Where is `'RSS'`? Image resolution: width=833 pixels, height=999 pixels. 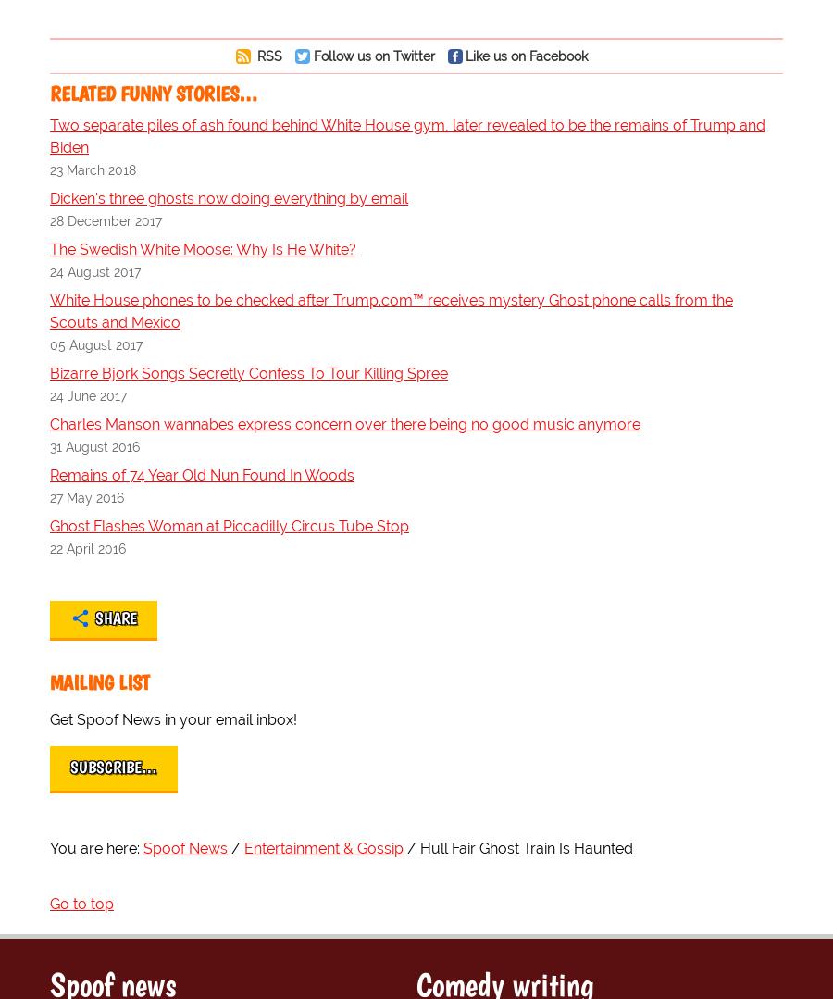 'RSS' is located at coordinates (267, 55).